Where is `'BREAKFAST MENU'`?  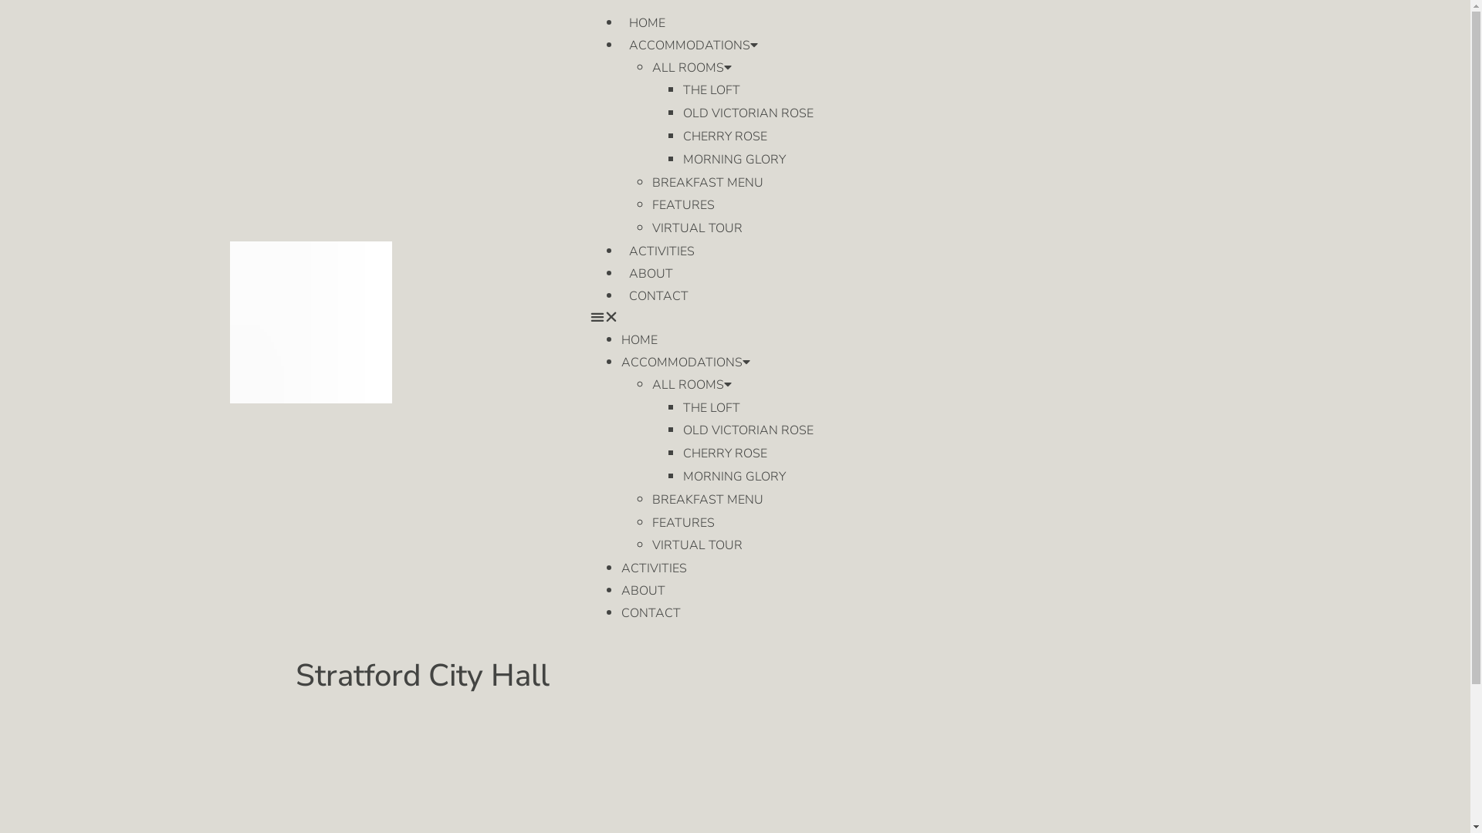
'BREAKFAST MENU' is located at coordinates (706, 500).